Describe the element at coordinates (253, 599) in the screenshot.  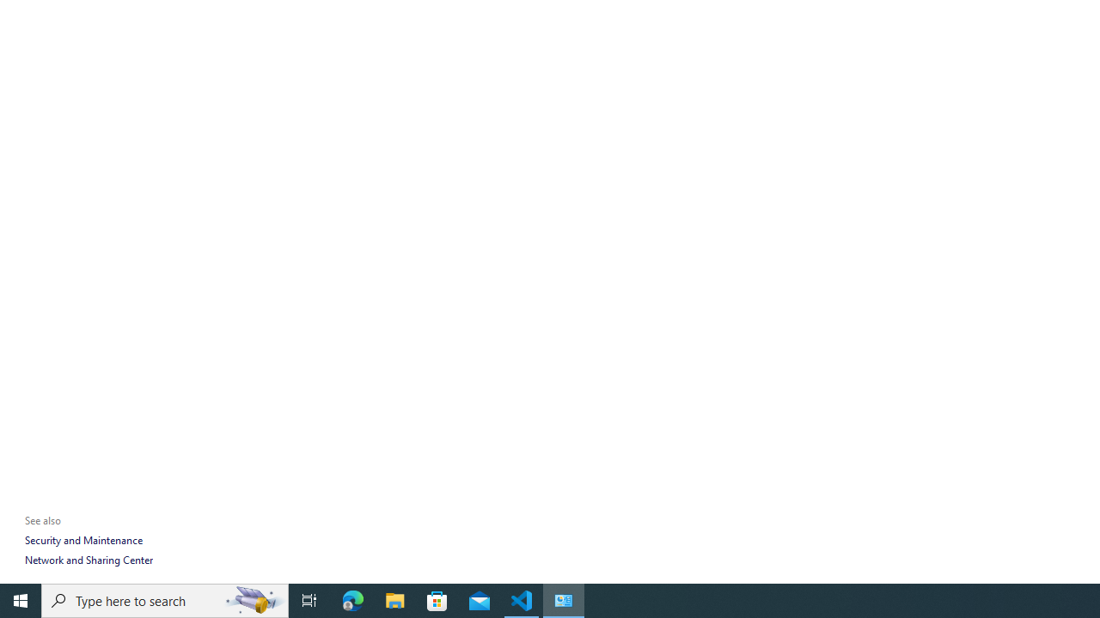
I see `'Search highlights icon opens search home window'` at that location.